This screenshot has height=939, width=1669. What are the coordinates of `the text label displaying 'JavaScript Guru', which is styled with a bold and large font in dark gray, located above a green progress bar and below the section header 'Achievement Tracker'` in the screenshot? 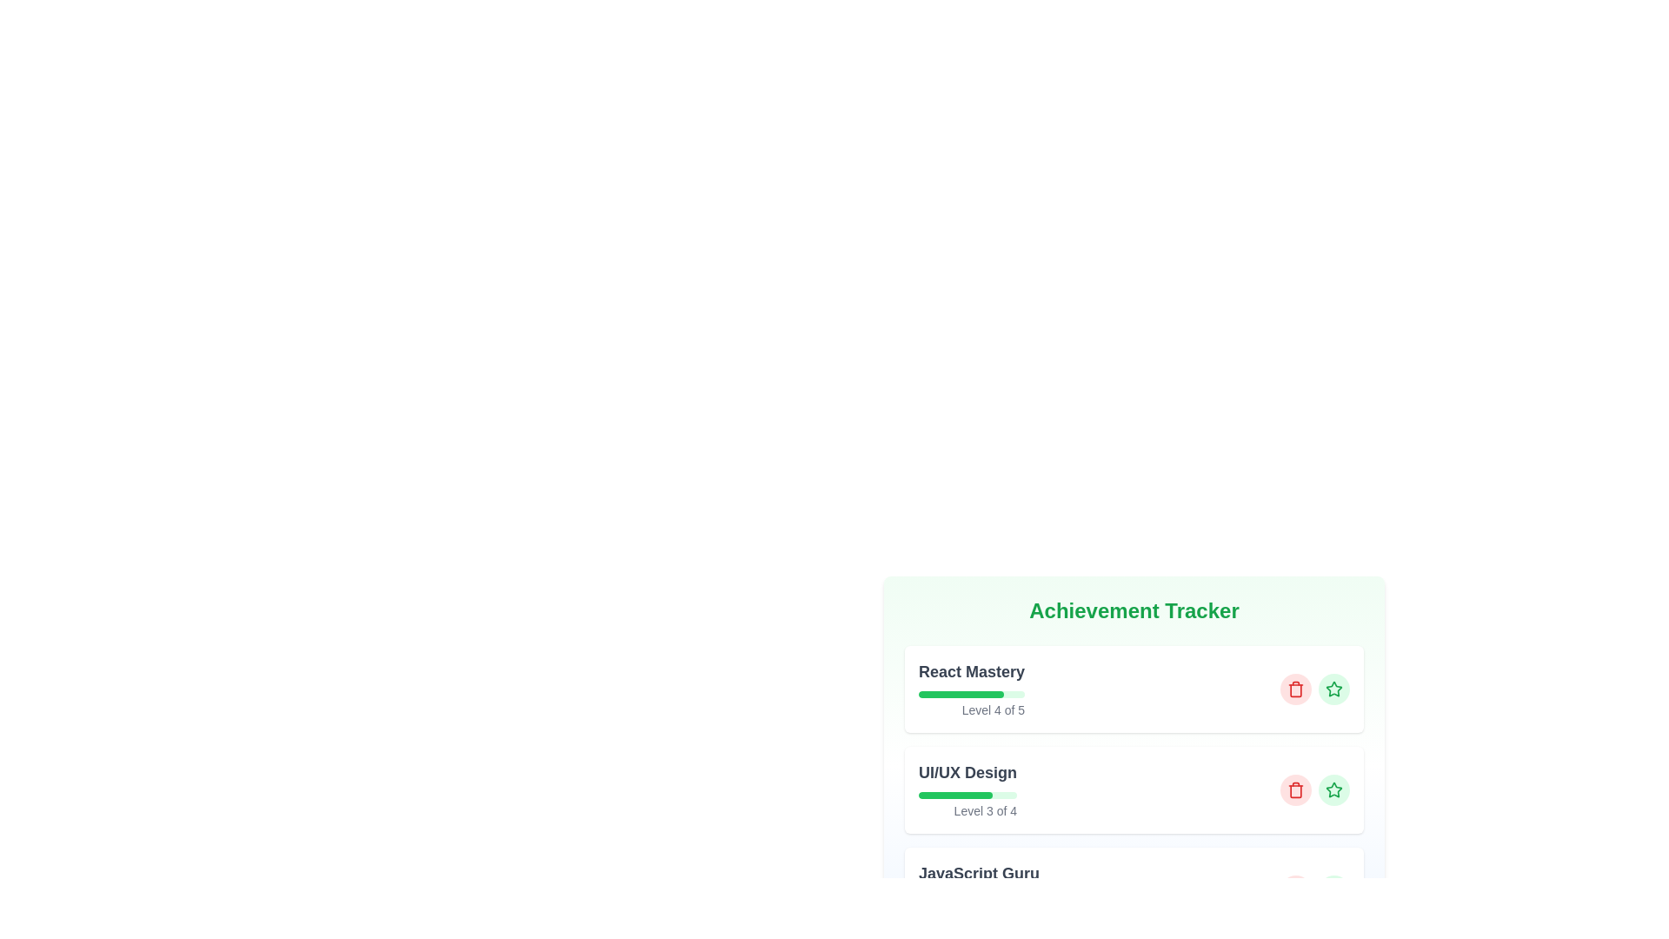 It's located at (979, 874).